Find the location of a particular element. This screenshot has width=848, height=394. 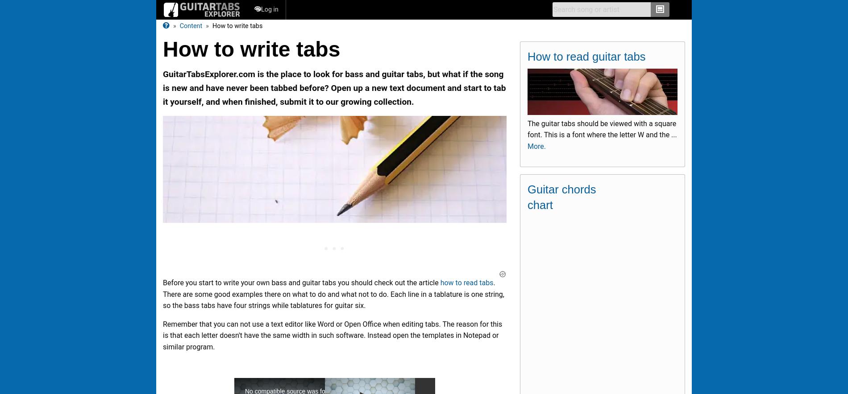

'Guitar chords chart' is located at coordinates (561, 197).